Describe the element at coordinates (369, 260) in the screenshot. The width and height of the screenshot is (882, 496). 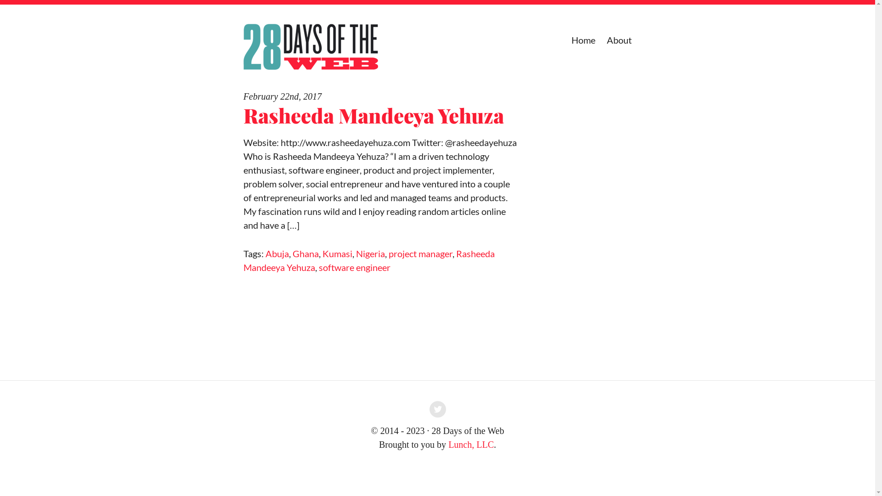
I see `'Rasheeda Mandeeya Yehuza'` at that location.